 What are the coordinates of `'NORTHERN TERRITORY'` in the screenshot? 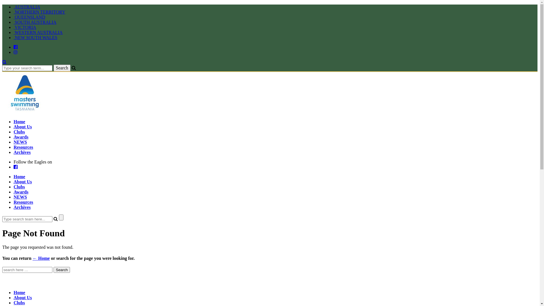 It's located at (39, 12).